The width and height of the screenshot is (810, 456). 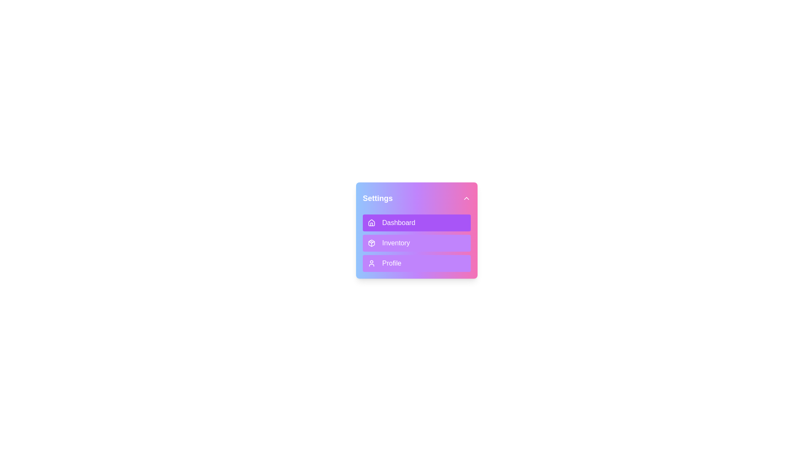 What do you see at coordinates (417, 223) in the screenshot?
I see `the menu item Dashboard` at bounding box center [417, 223].